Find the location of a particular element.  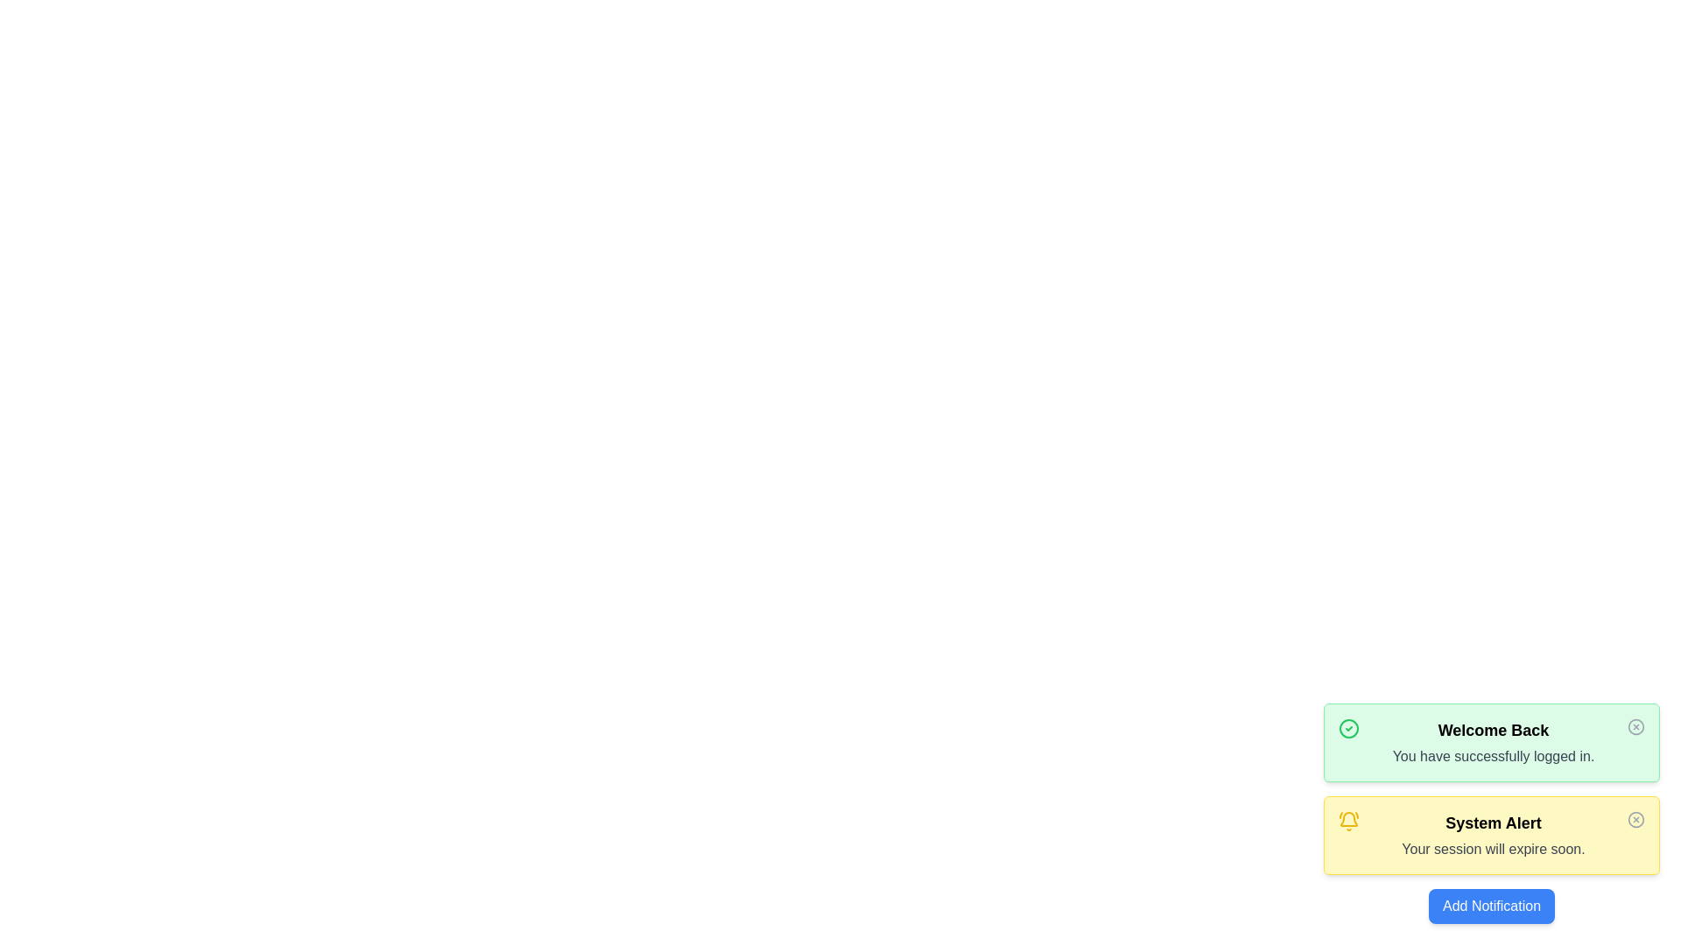

the login confirmation message displayed below the 'Welcome Back' title in the green notification box at the top right area of the application is located at coordinates (1492, 755).